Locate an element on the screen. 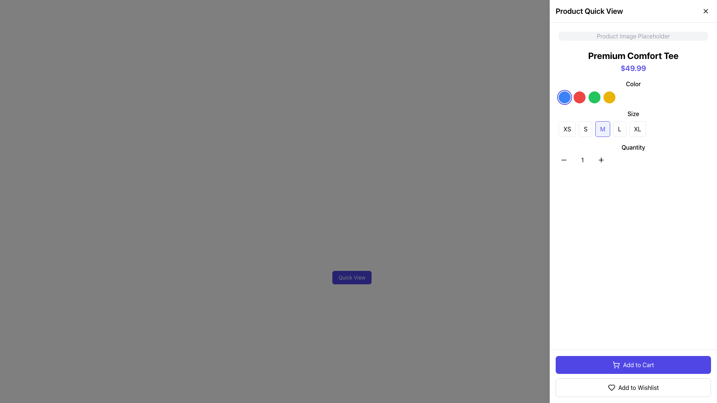  the 'XL' button with a white background and black text is located at coordinates (637, 129).